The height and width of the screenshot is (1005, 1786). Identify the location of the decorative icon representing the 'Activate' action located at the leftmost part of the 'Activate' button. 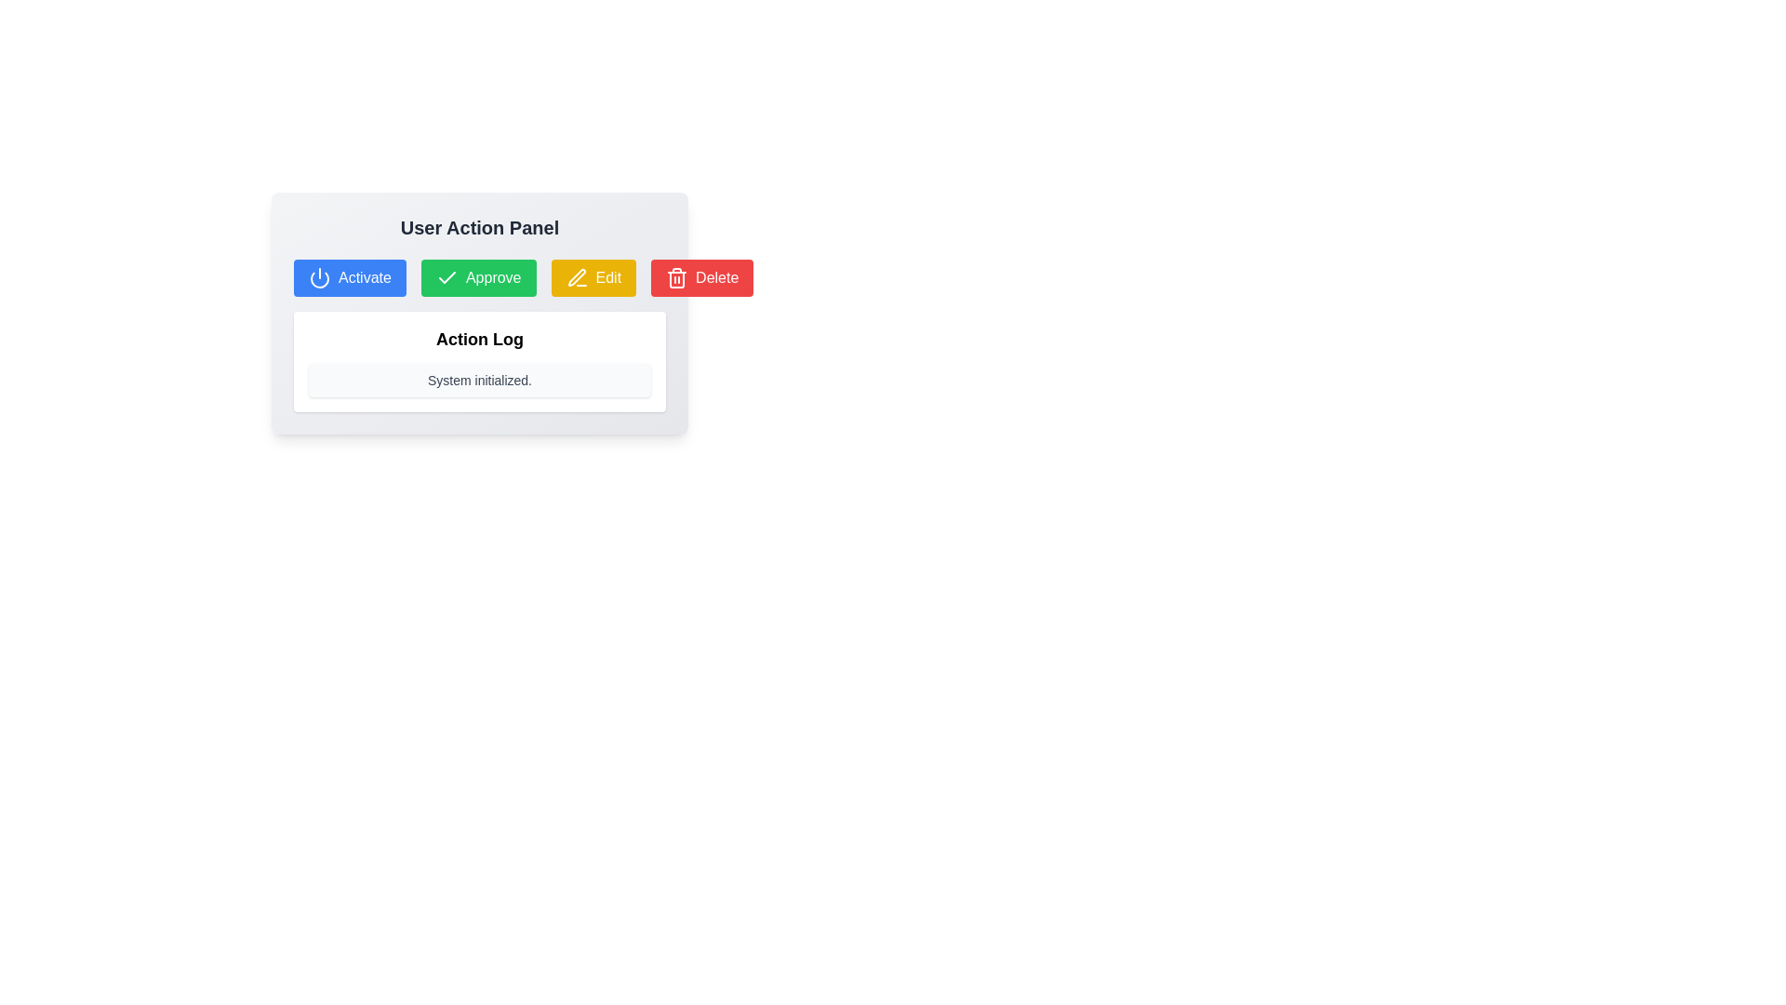
(320, 278).